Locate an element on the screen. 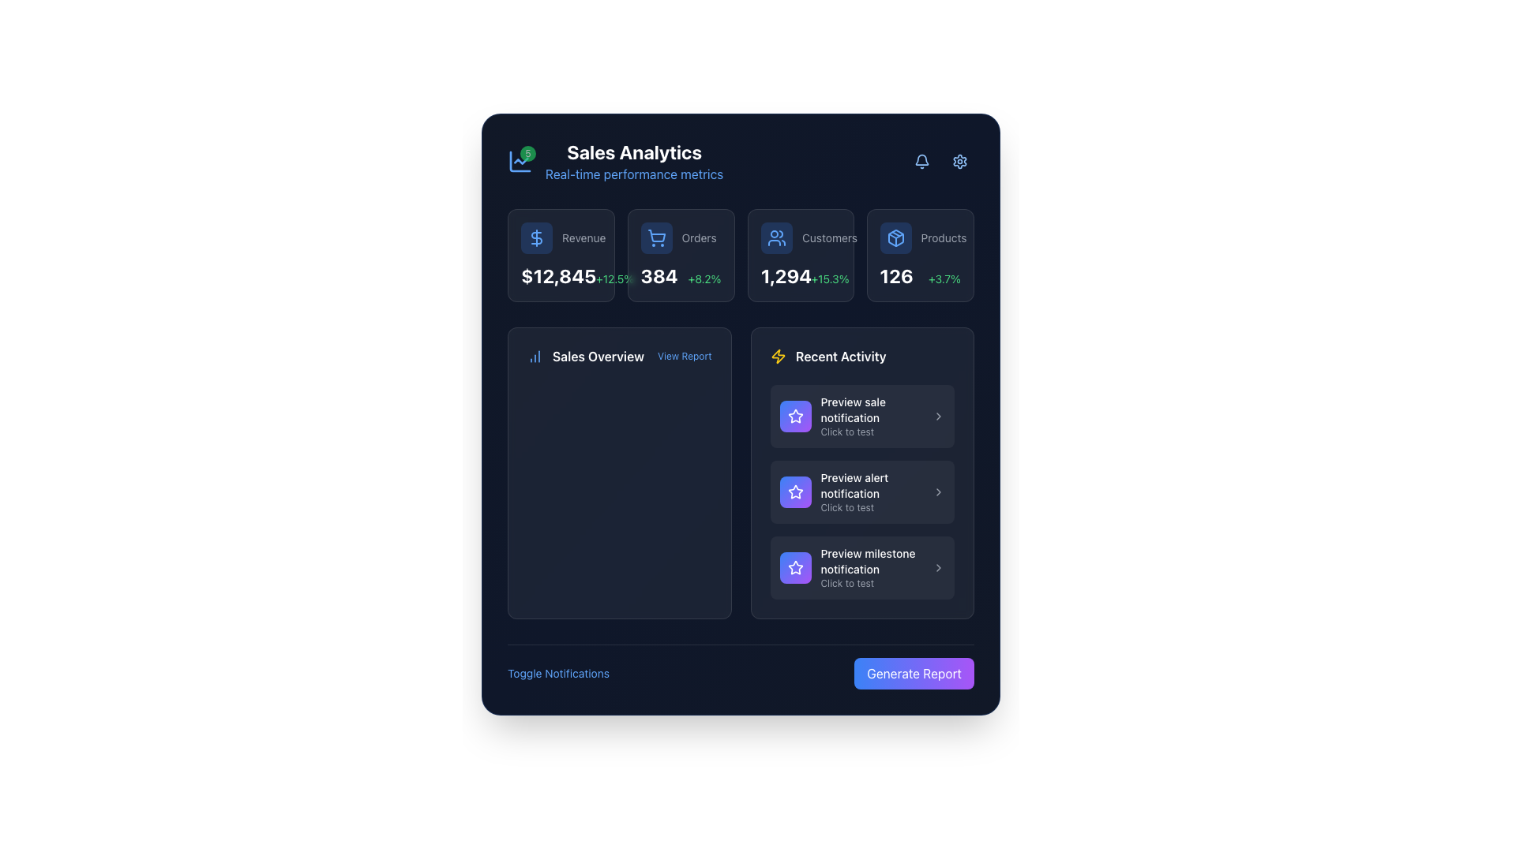 This screenshot has height=852, width=1516. the bell icon in the top-right corner of the panel is located at coordinates (921, 161).